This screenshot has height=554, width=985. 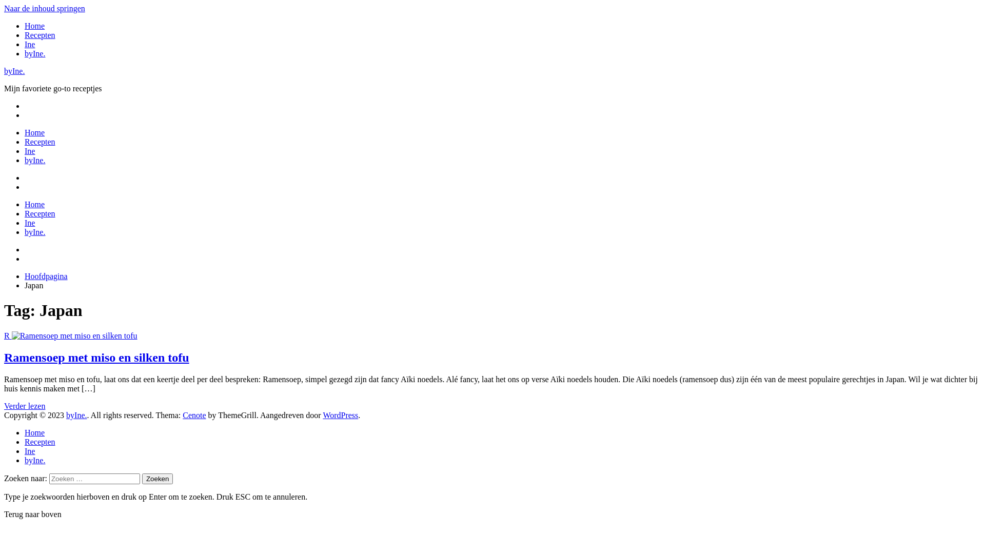 What do you see at coordinates (25, 213) in the screenshot?
I see `'Recepten'` at bounding box center [25, 213].